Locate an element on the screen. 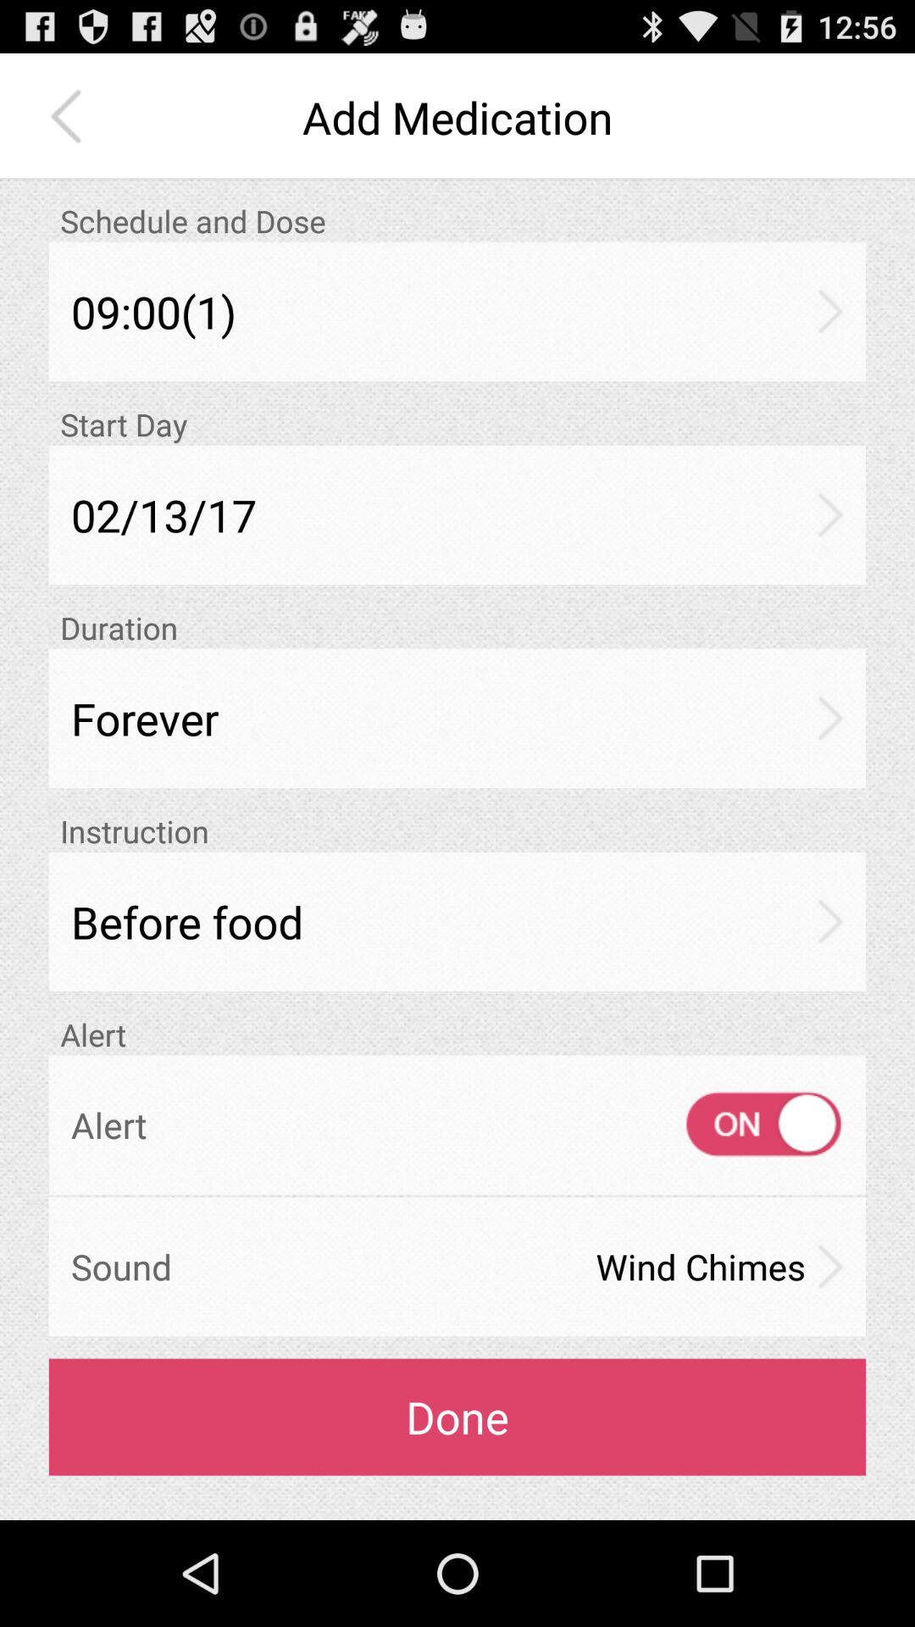  the item to the right of alert item is located at coordinates (747, 1124).